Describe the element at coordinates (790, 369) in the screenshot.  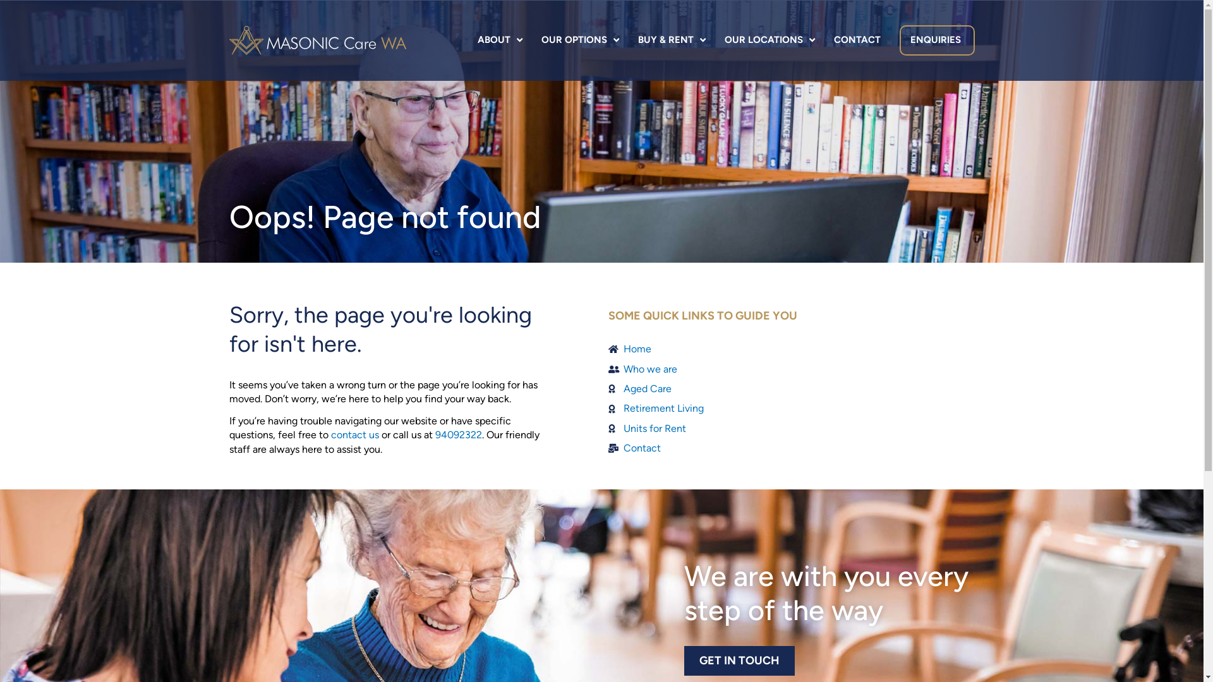
I see `'Who we are'` at that location.